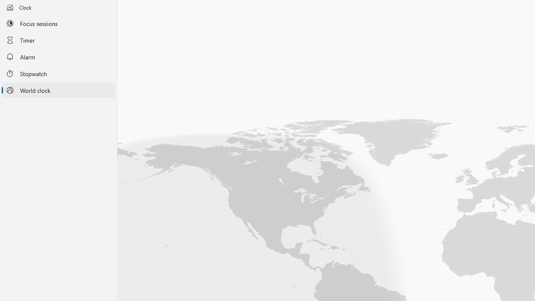 This screenshot has height=301, width=535. I want to click on 'Alarm', so click(58, 56).